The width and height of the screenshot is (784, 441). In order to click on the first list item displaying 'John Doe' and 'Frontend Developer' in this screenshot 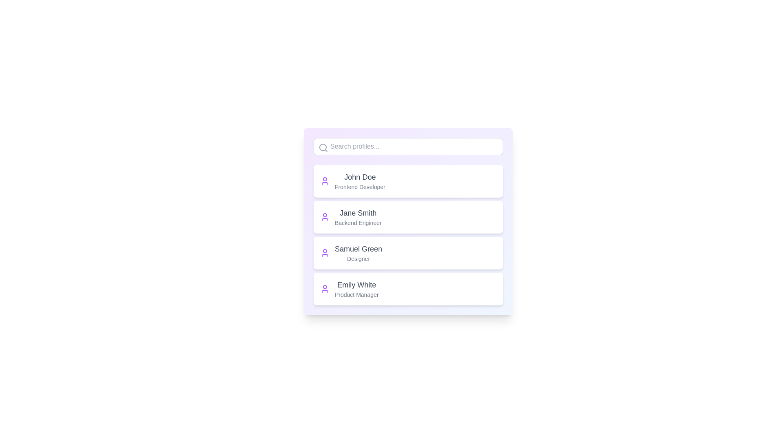, I will do `click(408, 180)`.